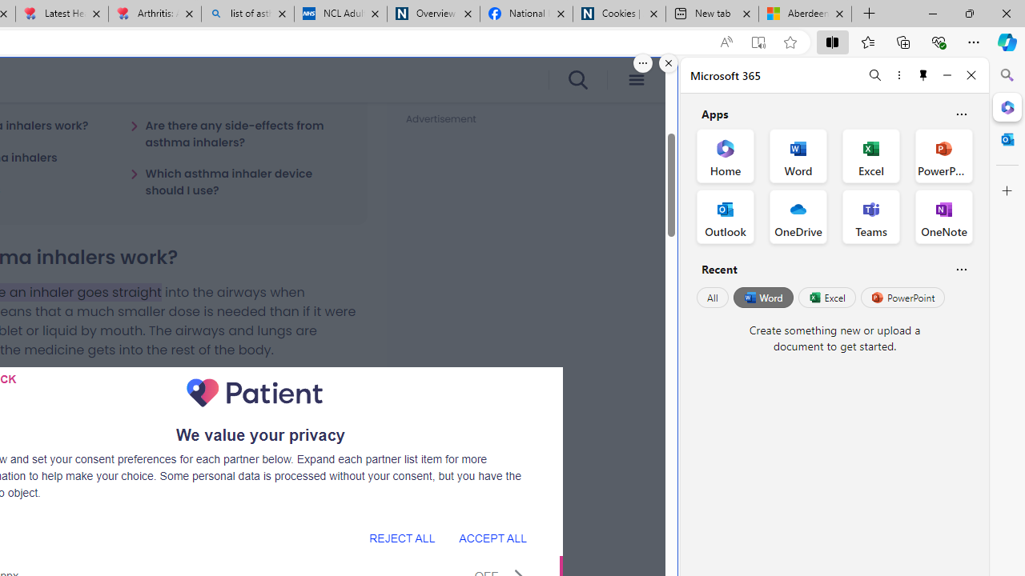  Describe the element at coordinates (903, 41) in the screenshot. I see `'Collections'` at that location.